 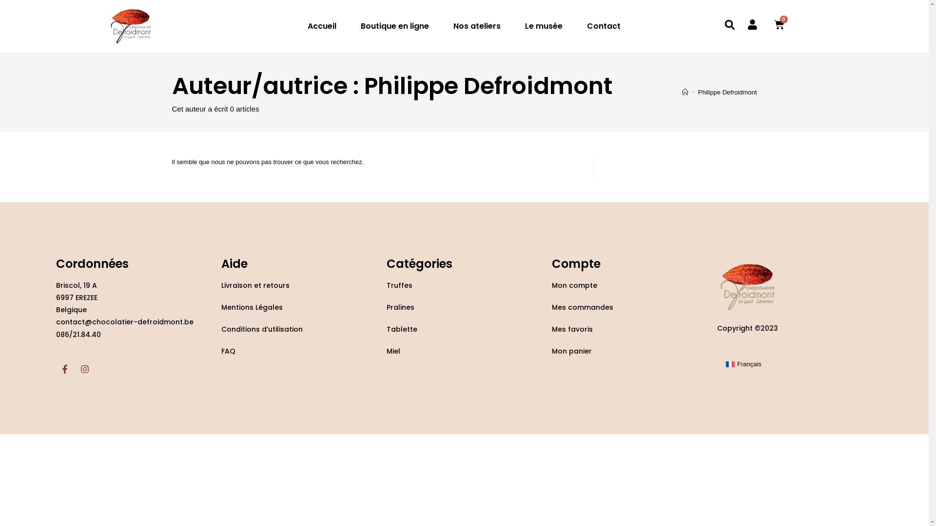 What do you see at coordinates (124, 321) in the screenshot?
I see `'contact@chocolatier-defroidmont.be'` at bounding box center [124, 321].